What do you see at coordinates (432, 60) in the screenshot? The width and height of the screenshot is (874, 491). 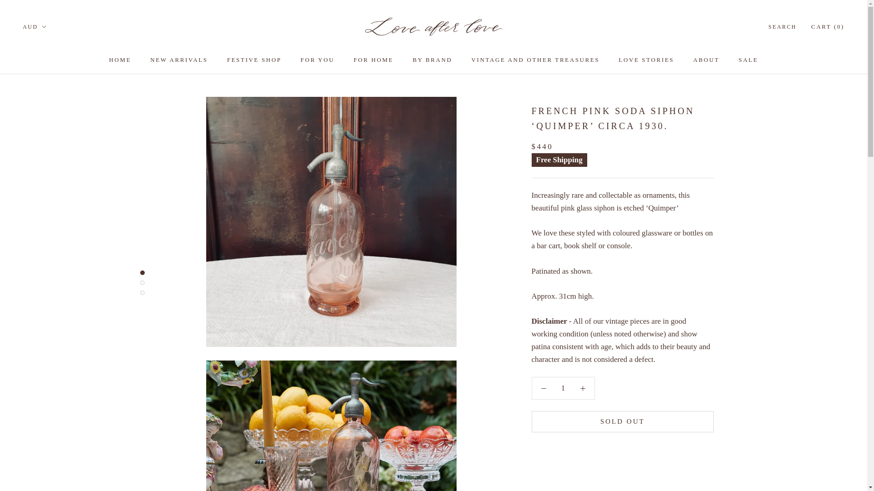 I see `'BY BRAND'` at bounding box center [432, 60].